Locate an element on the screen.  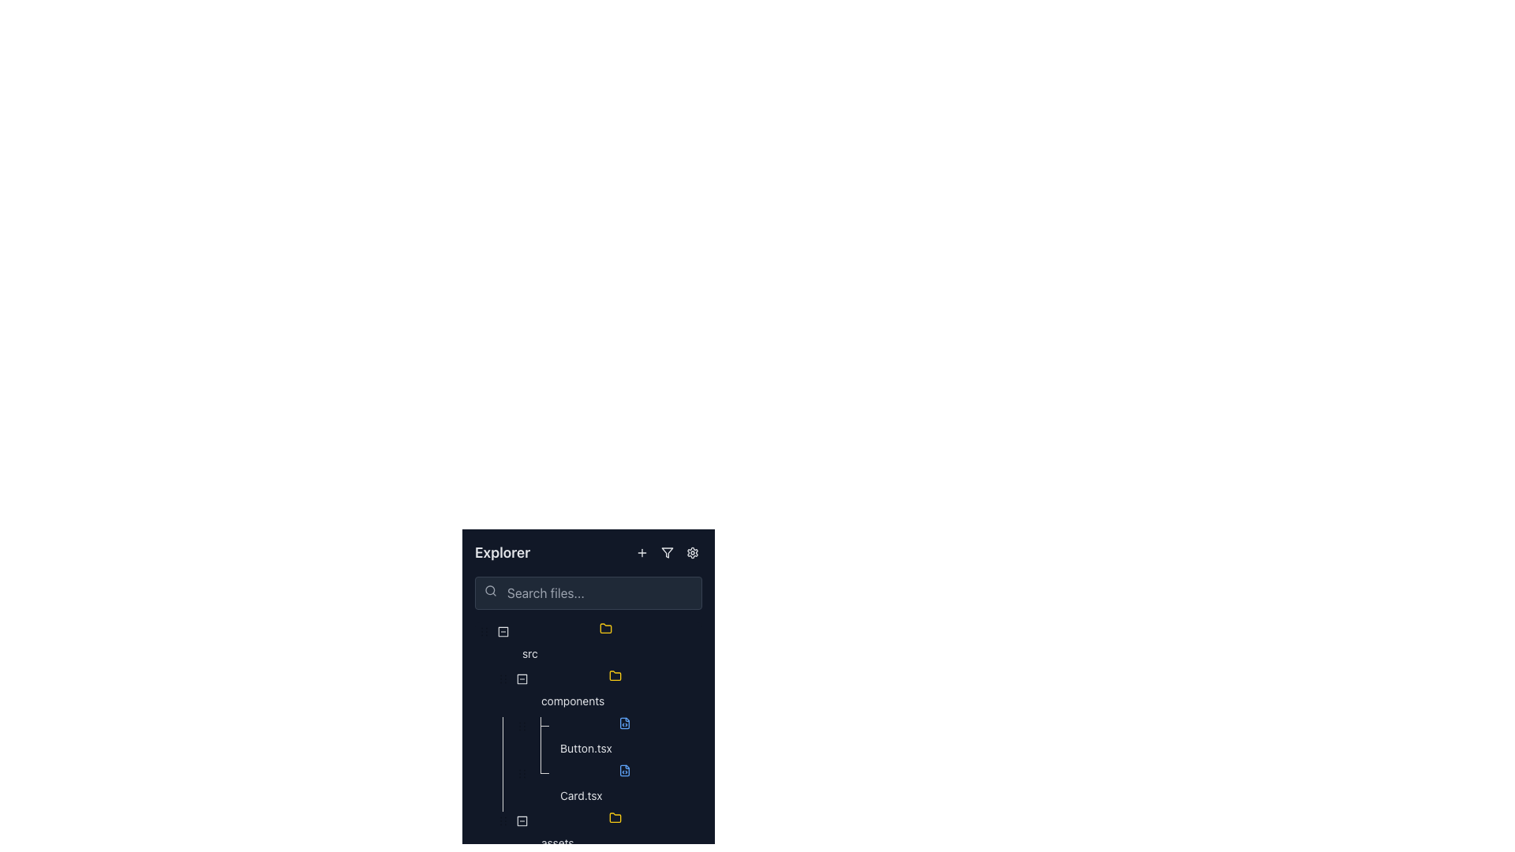
the status represented by the small, circular icon located near the bottom-left corner of the file explorer interface, immediately to the left of the folder icon is located at coordinates (503, 678).